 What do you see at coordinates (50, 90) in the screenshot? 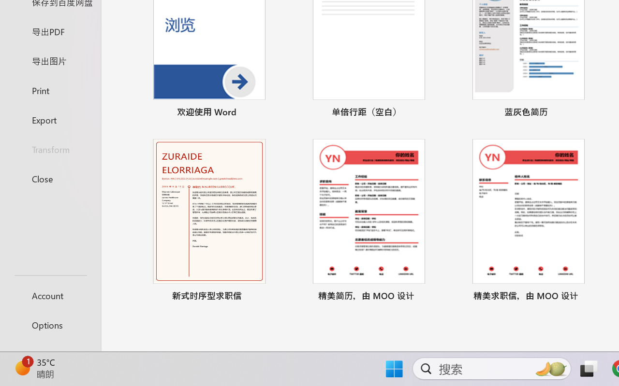
I see `'Print'` at bounding box center [50, 90].